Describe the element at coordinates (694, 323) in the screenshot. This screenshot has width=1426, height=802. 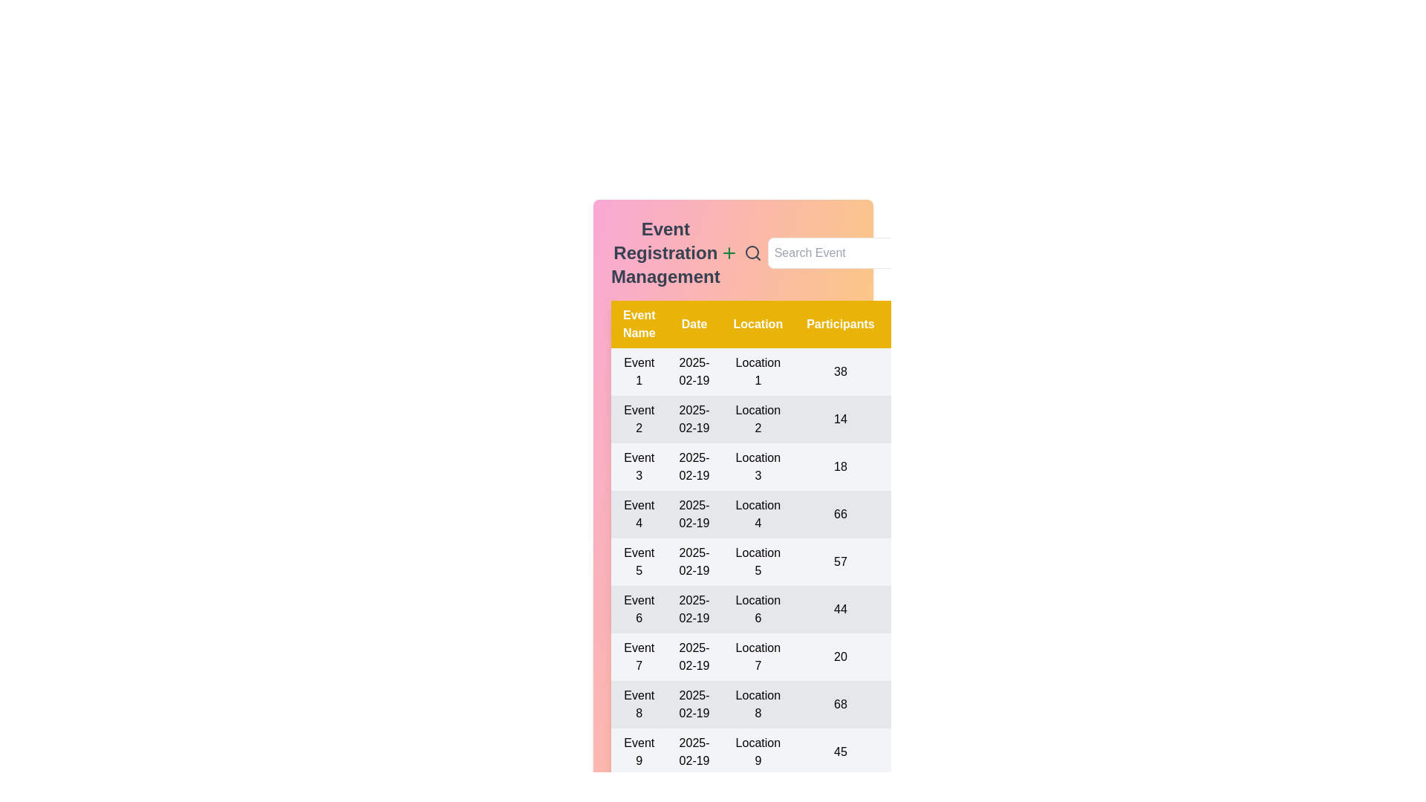
I see `the header of the column 'Date' to sort the table by that column` at that location.